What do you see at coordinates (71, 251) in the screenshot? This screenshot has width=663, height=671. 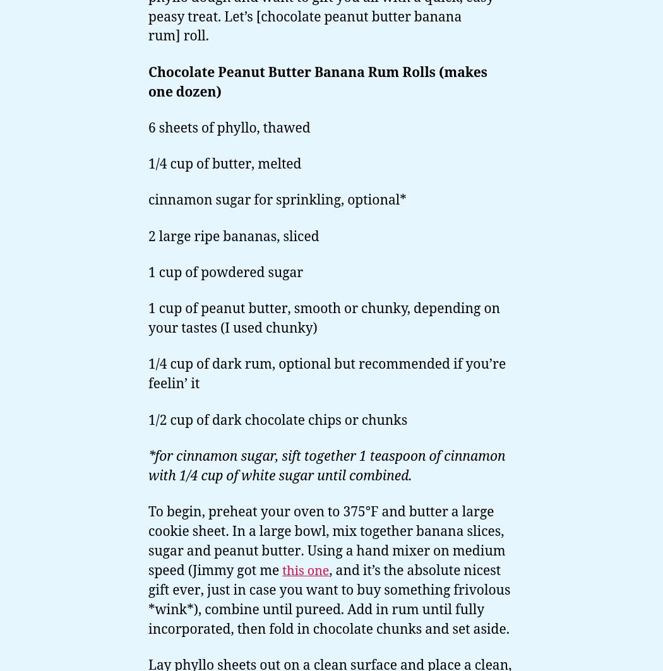 I see `'No-Bake Recipes'` at bounding box center [71, 251].